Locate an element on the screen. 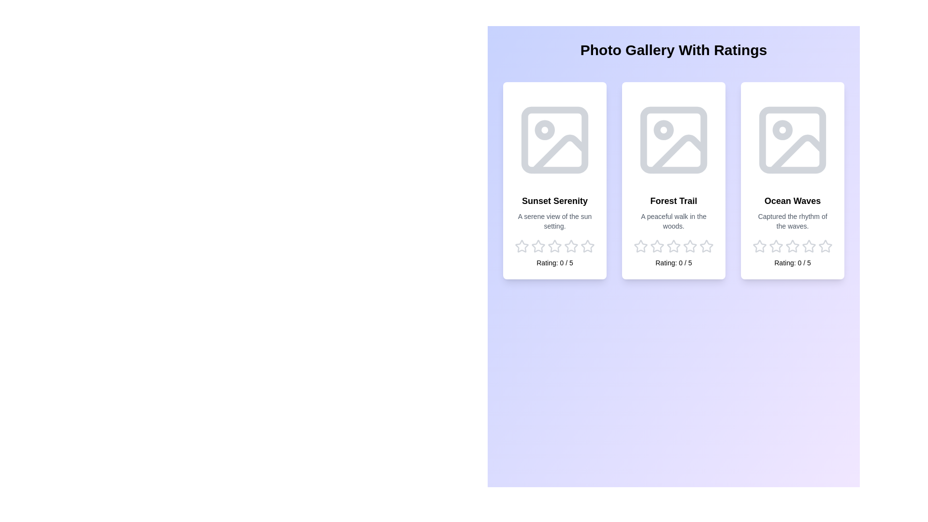  the star corresponding to the rating 1 for the image Ocean Waves is located at coordinates (759, 246).